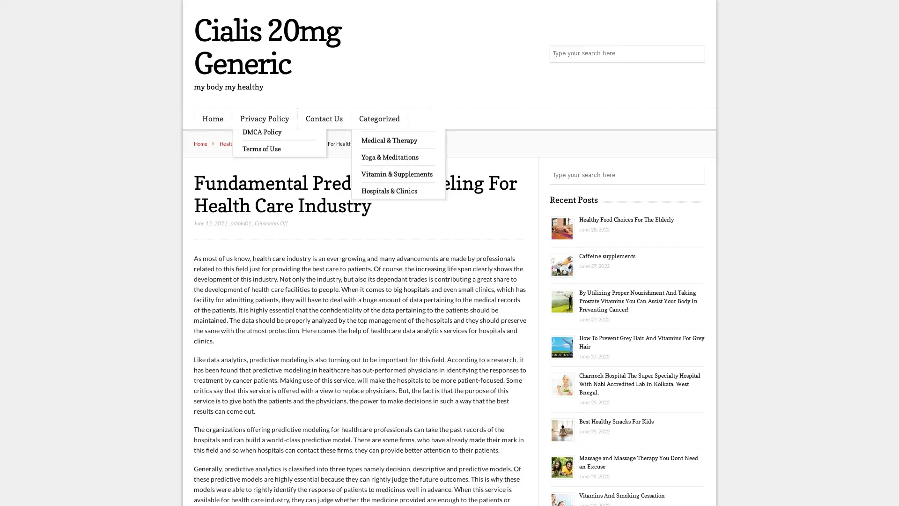 The height and width of the screenshot is (506, 899). What do you see at coordinates (695, 54) in the screenshot?
I see `Search` at bounding box center [695, 54].